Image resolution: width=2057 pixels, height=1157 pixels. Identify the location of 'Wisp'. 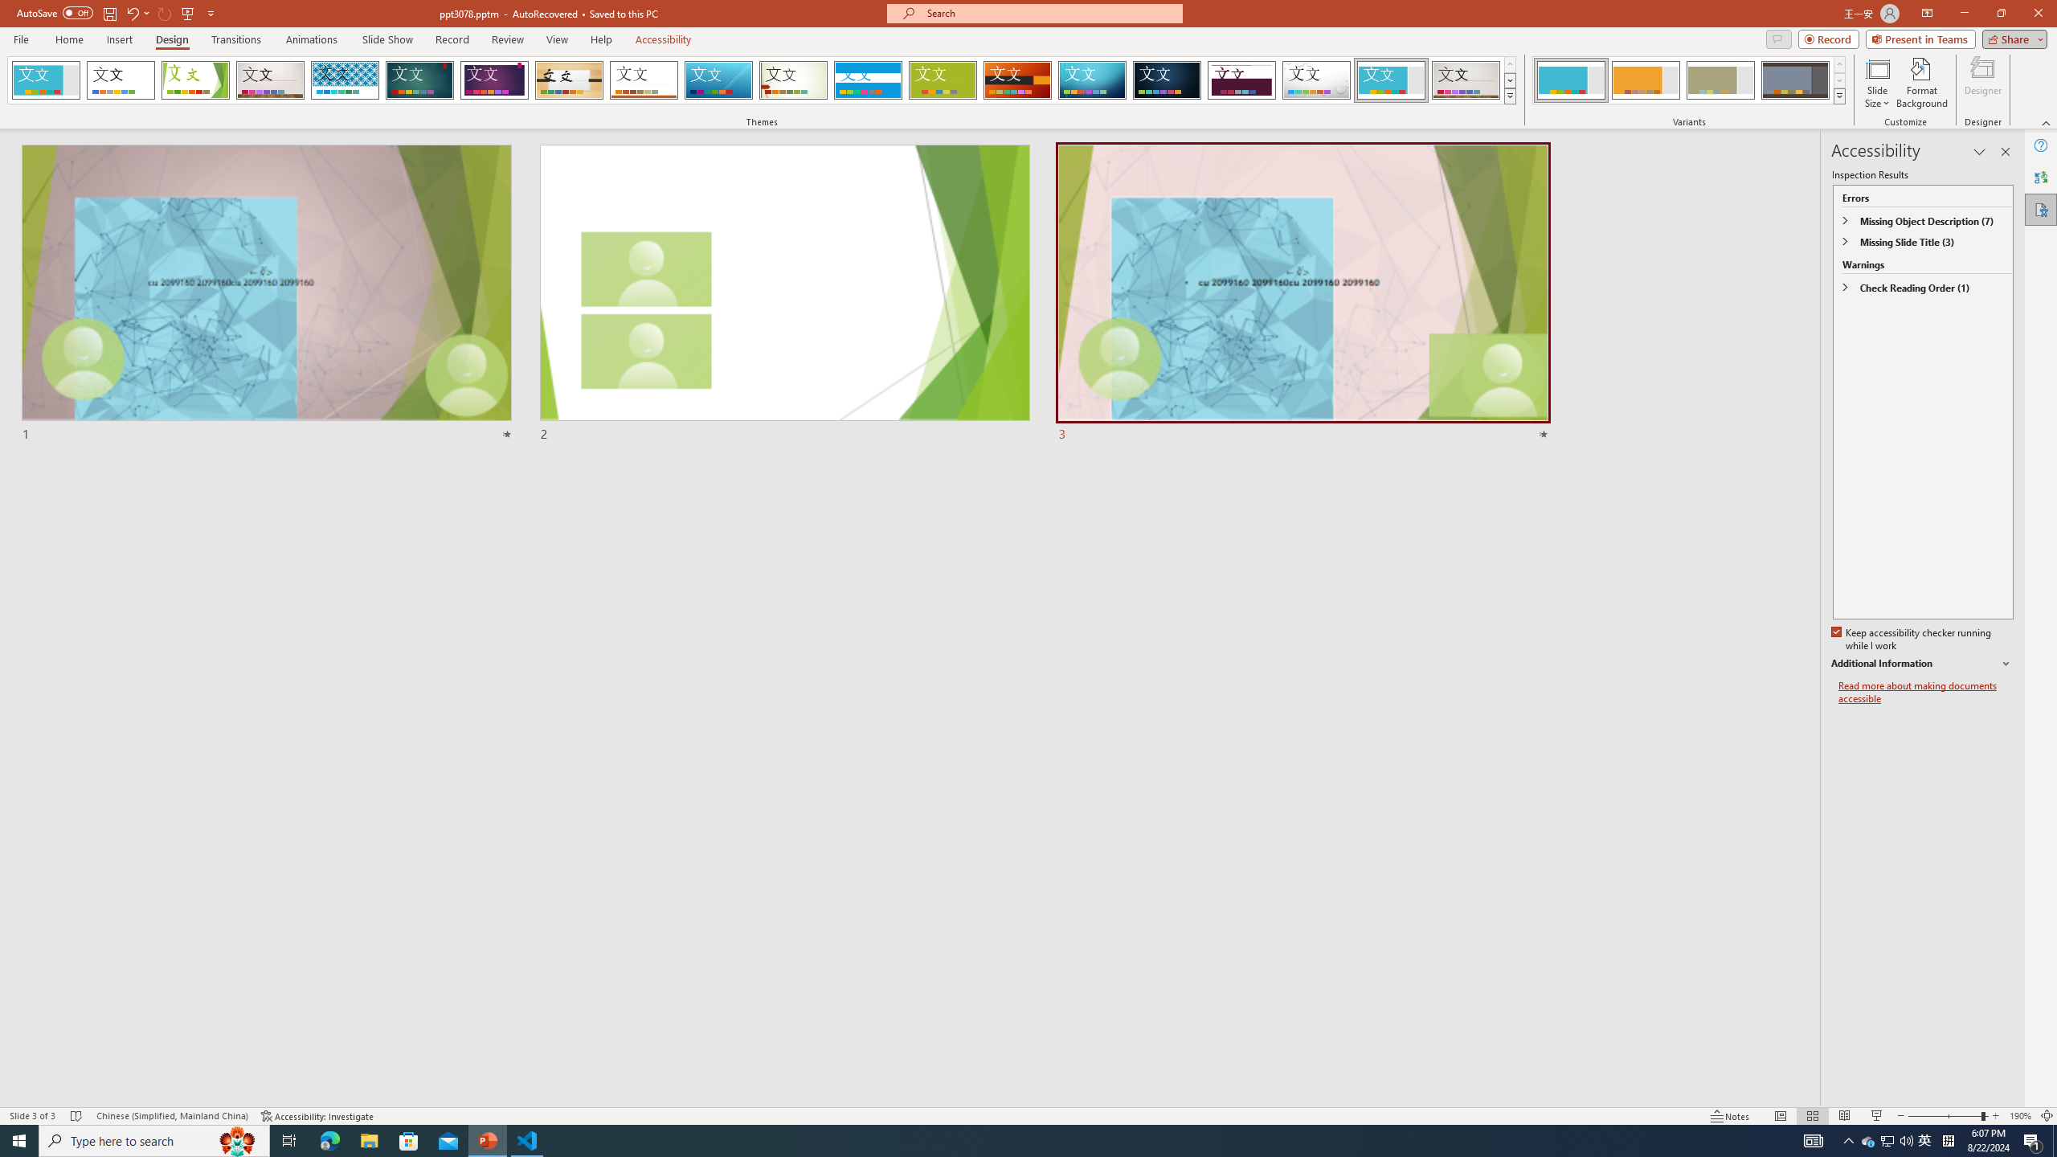
(793, 80).